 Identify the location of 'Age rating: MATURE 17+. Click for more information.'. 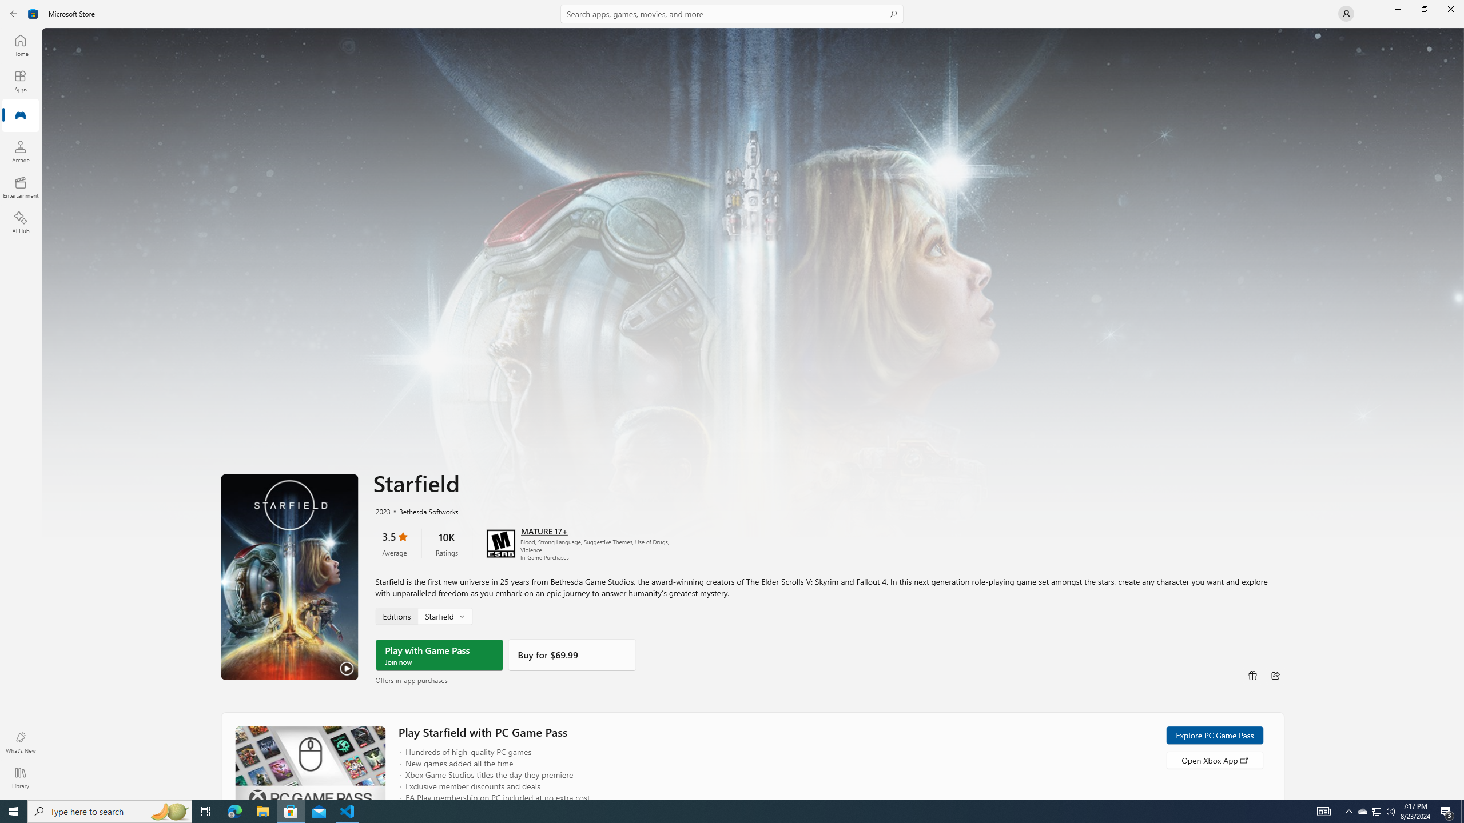
(543, 530).